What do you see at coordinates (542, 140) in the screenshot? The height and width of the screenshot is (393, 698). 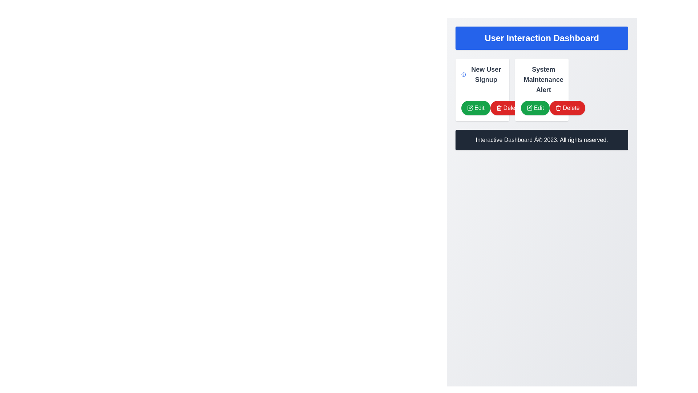 I see `copyright information text label located at the bottom of the interface, beneath the action cards 'New User Signup' and 'System Maintenance Alert'` at bounding box center [542, 140].